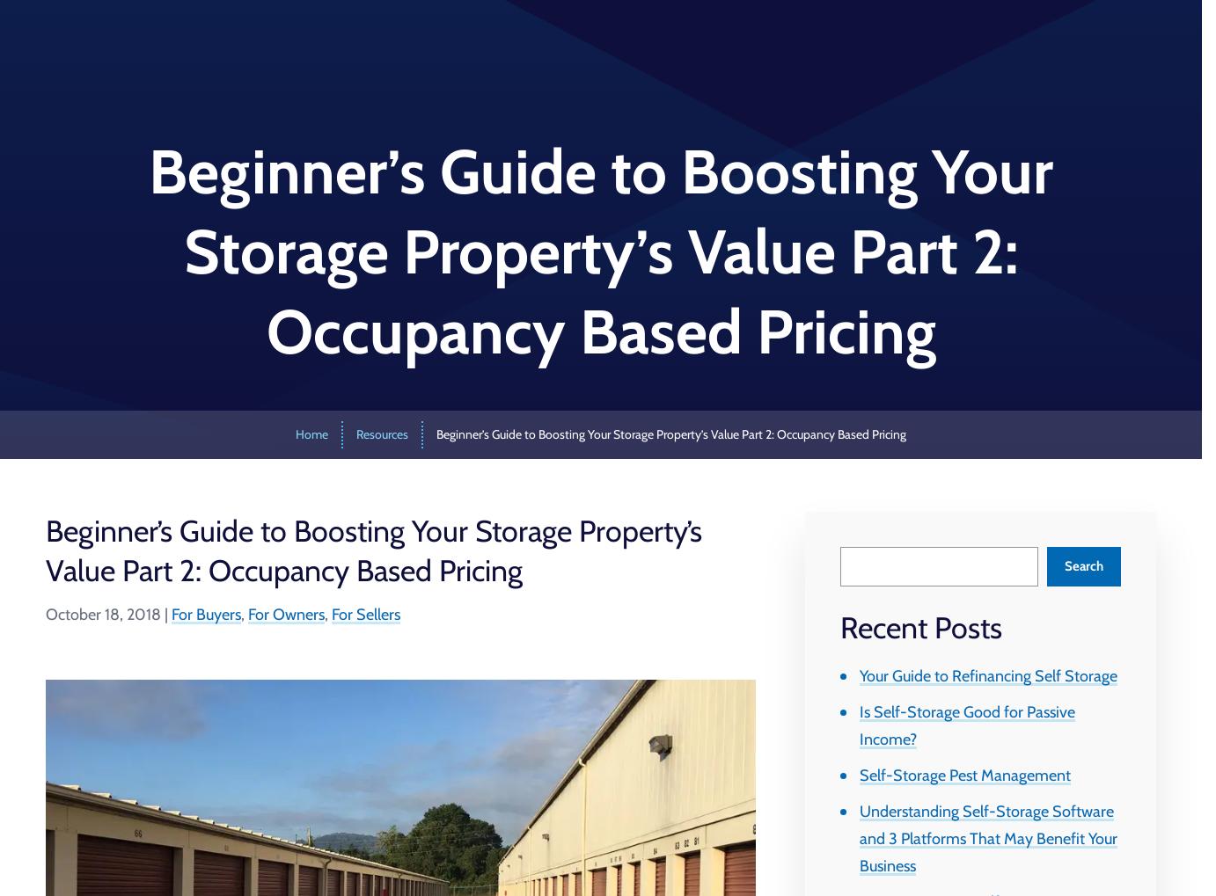 This screenshot has height=896, width=1216. I want to click on 'New Rate:       5×10 – 25 Rented @ $40 = $12,000 in annual revenue', so click(297, 87).